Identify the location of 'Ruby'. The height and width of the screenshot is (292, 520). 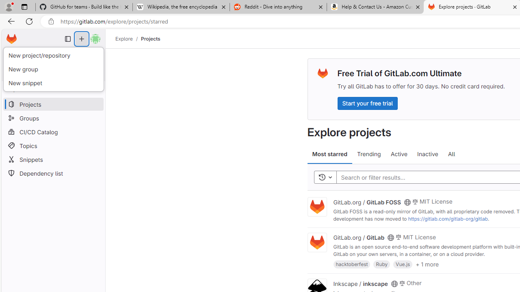
(381, 264).